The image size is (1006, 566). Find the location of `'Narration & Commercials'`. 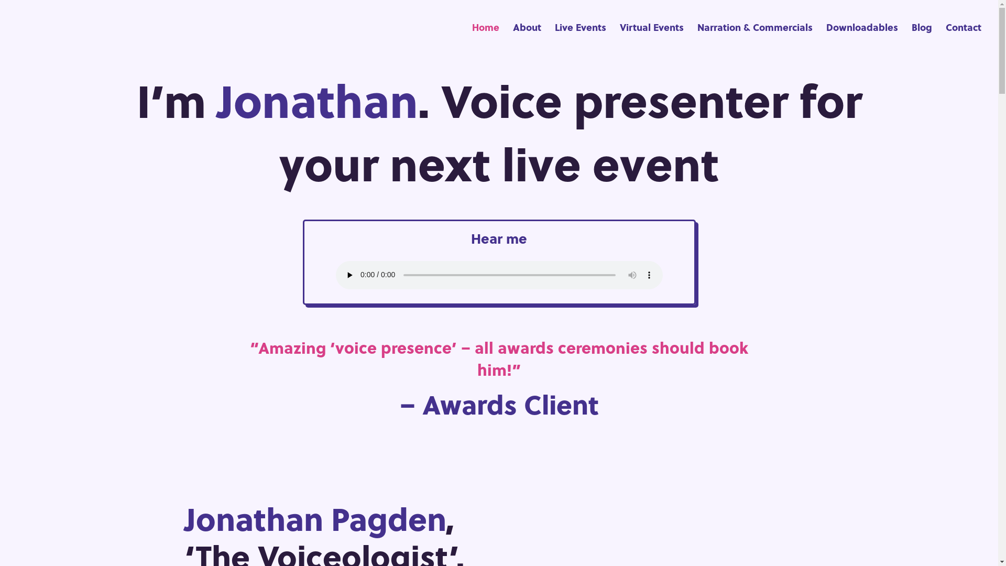

'Narration & Commercials' is located at coordinates (754, 38).